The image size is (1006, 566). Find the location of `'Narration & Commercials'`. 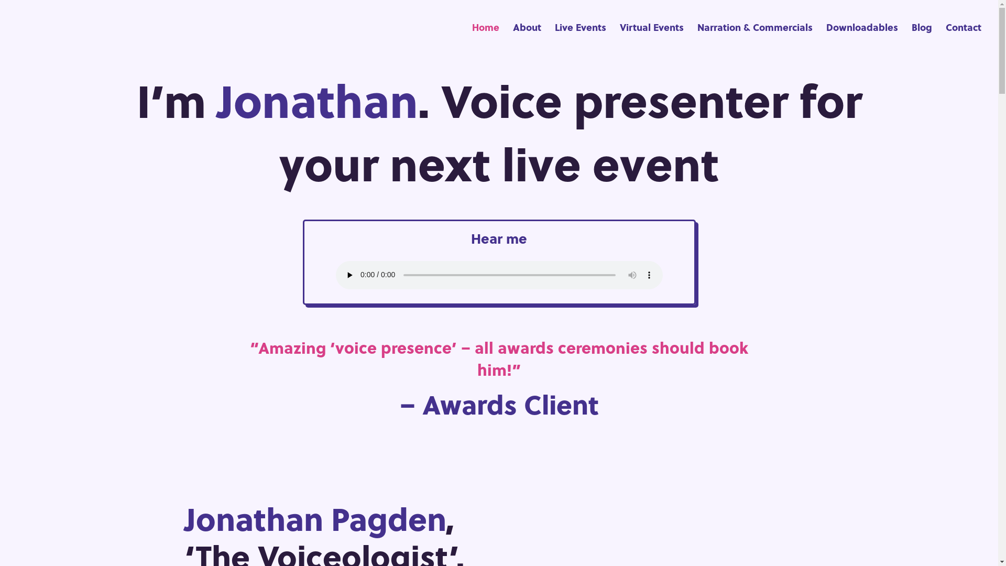

'Narration & Commercials' is located at coordinates (754, 38).